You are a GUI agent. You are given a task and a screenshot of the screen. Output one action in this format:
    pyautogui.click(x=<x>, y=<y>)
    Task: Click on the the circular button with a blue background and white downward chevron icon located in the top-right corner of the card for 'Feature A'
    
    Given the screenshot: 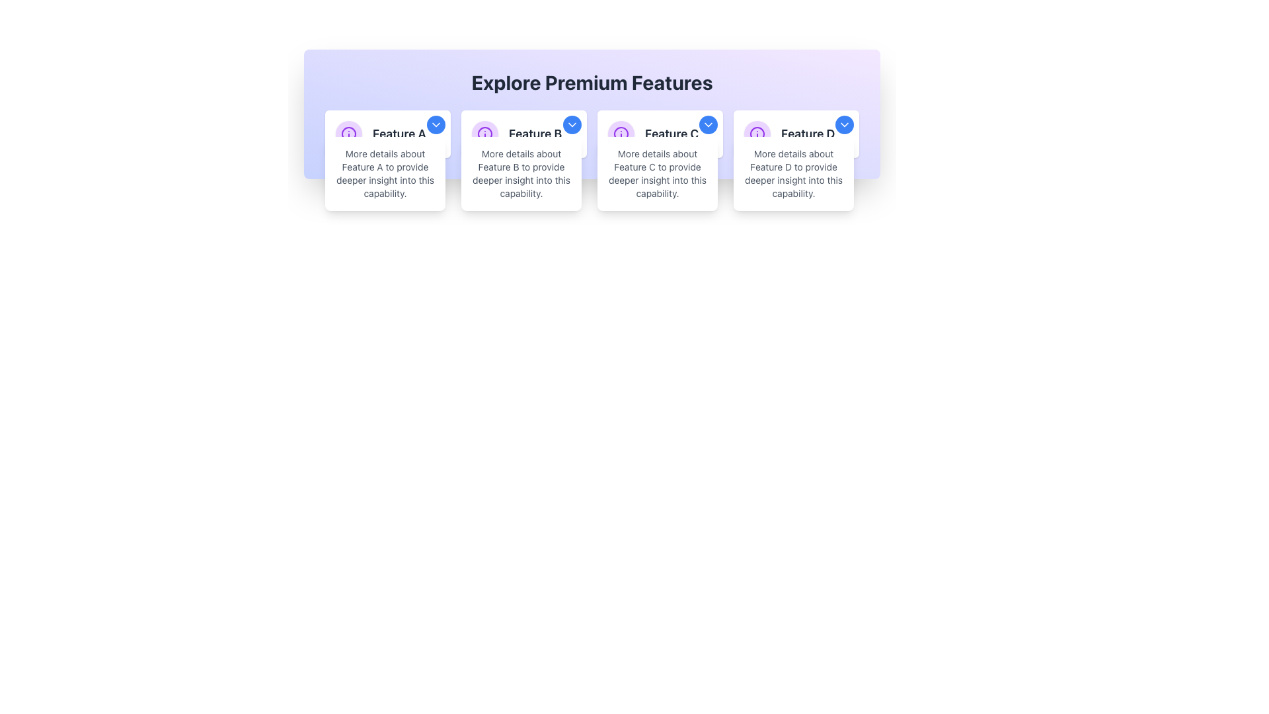 What is the action you would take?
    pyautogui.click(x=436, y=125)
    